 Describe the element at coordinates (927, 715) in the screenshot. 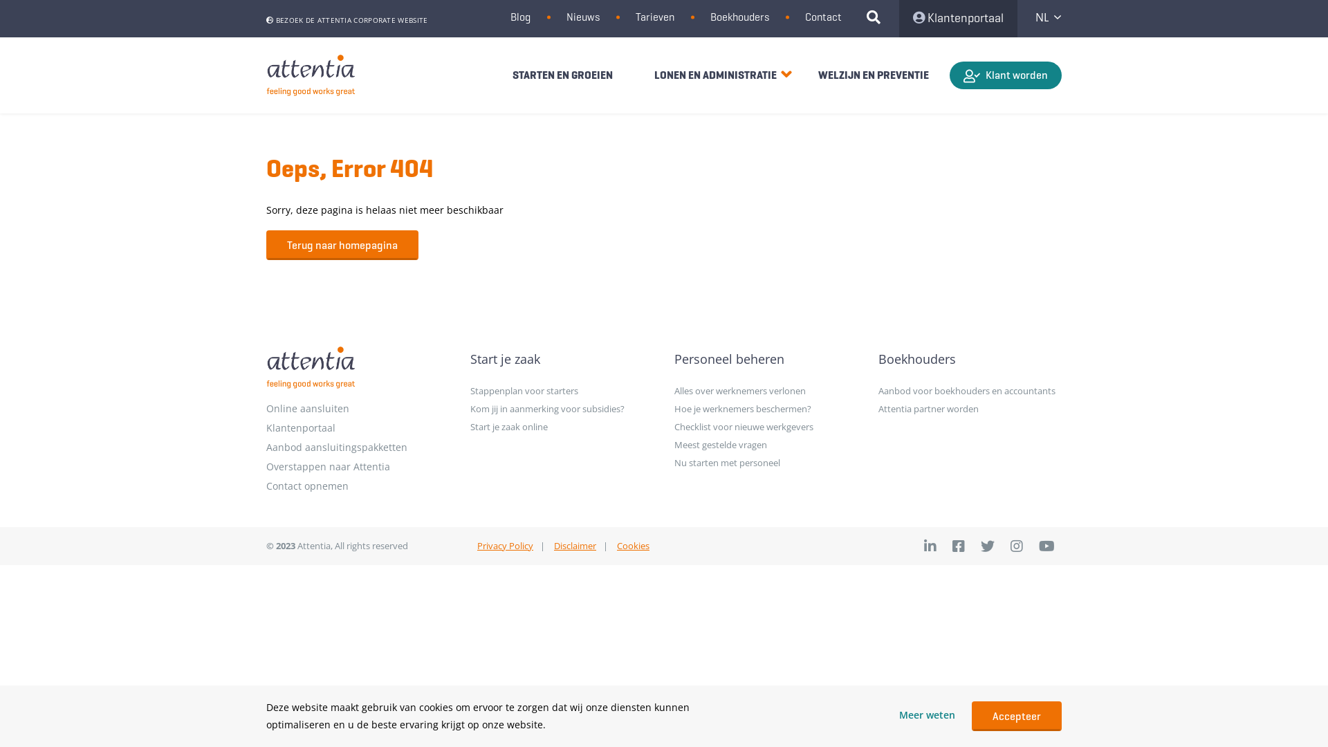

I see `'Meer weten'` at that location.